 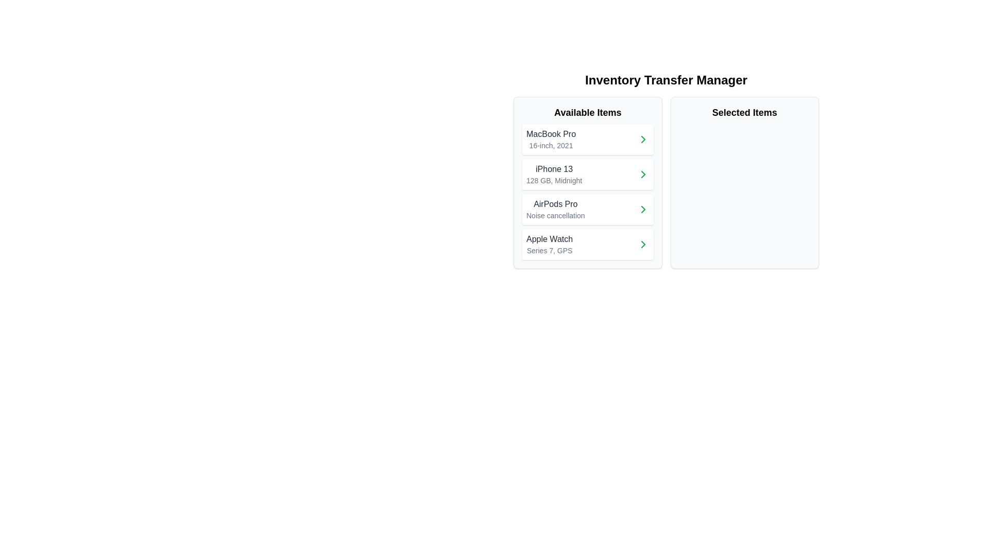 What do you see at coordinates (551, 139) in the screenshot?
I see `the 'MacBook Pro' text element, which includes the title and description` at bounding box center [551, 139].